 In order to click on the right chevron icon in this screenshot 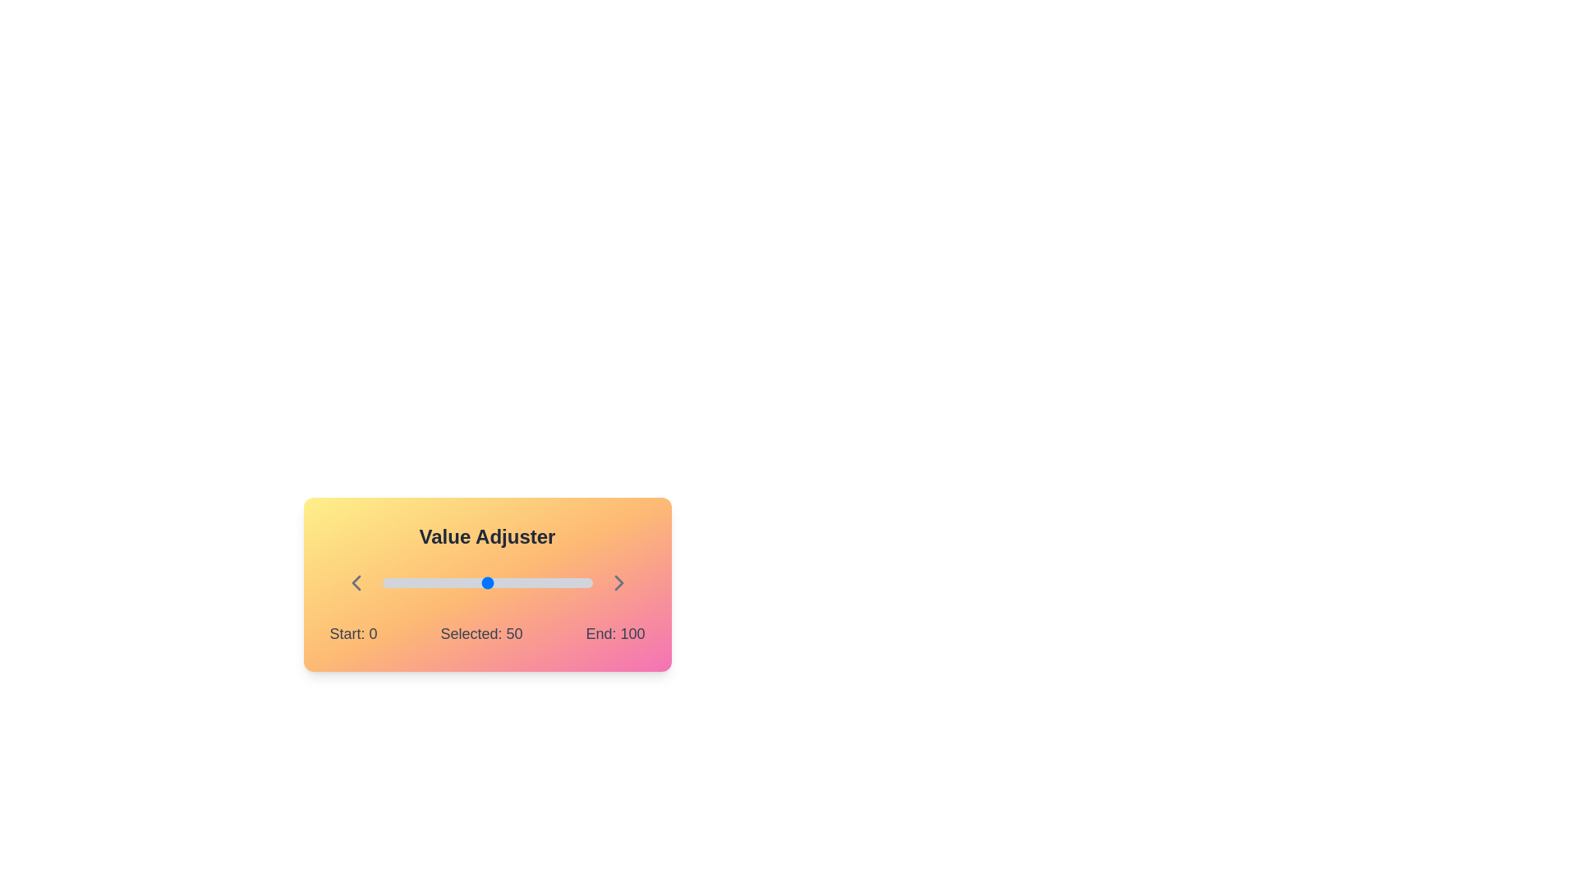, I will do `click(618, 581)`.